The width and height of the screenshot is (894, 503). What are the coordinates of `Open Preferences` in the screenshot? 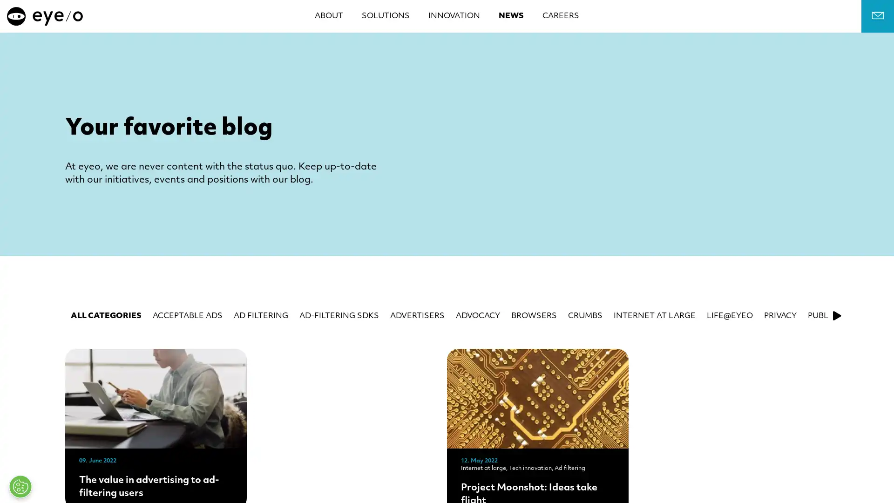 It's located at (20, 486).